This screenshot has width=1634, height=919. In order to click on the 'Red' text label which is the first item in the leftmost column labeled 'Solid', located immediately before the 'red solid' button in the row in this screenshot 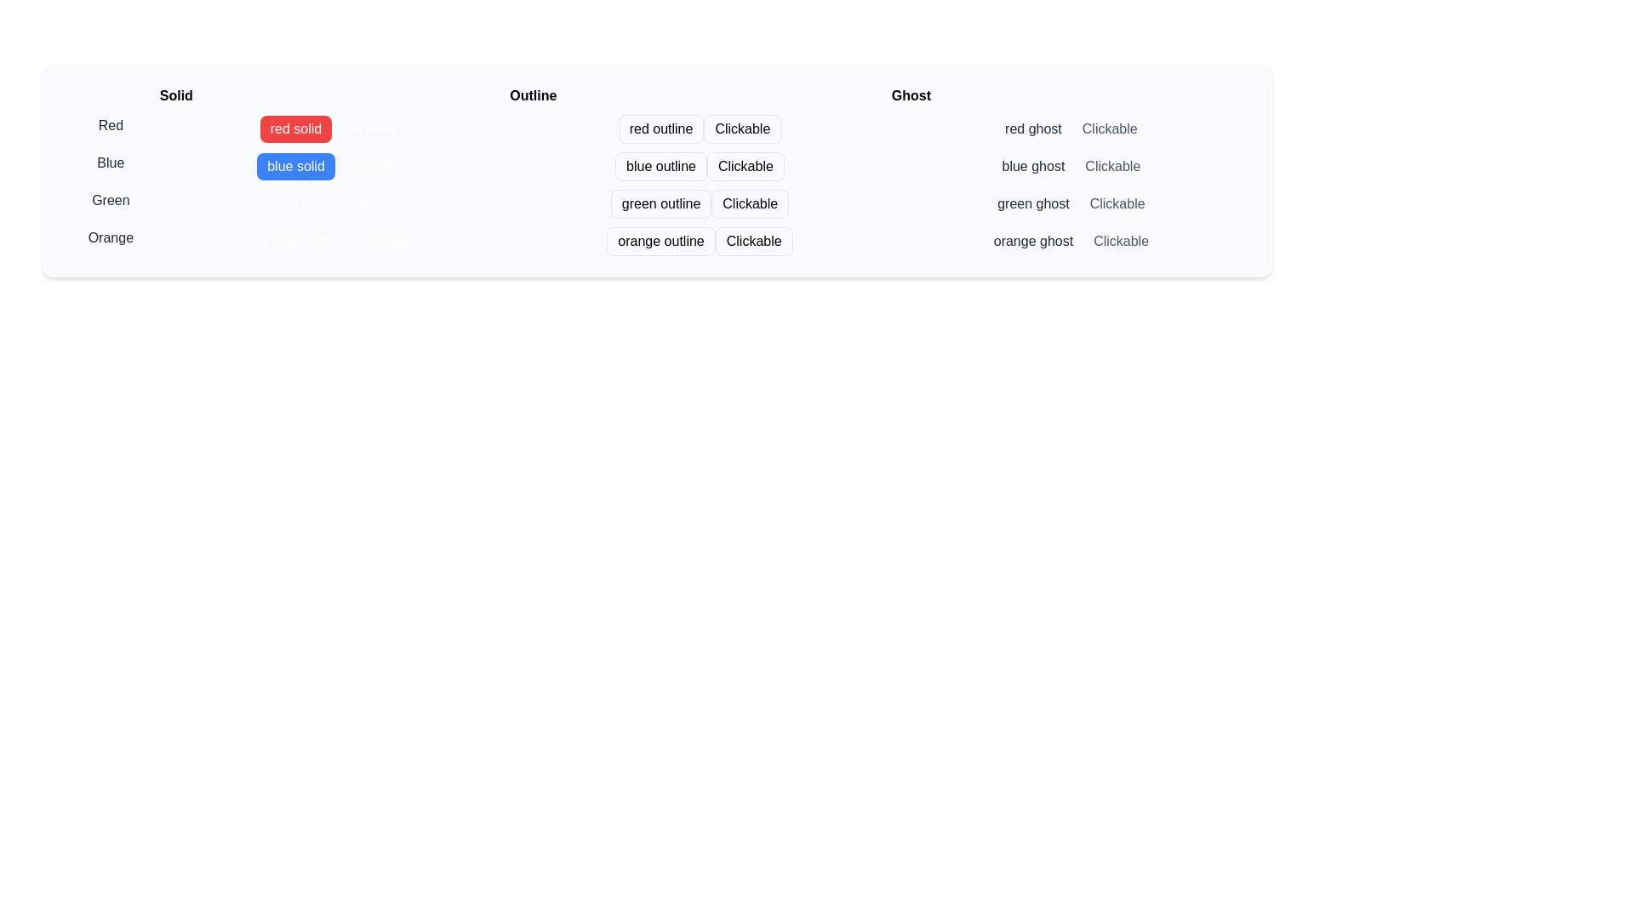, I will do `click(110, 124)`.